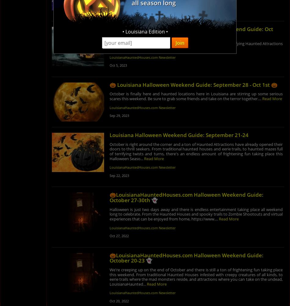  What do you see at coordinates (118, 65) in the screenshot?
I see `'Oct 5, 2023'` at bounding box center [118, 65].